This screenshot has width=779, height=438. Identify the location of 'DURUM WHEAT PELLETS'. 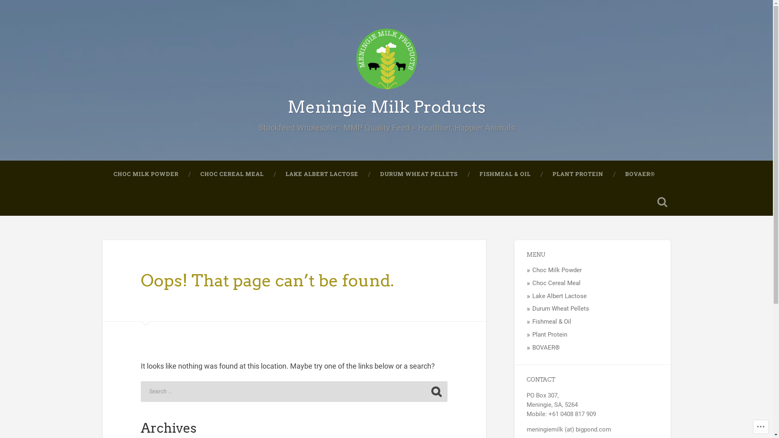
(419, 174).